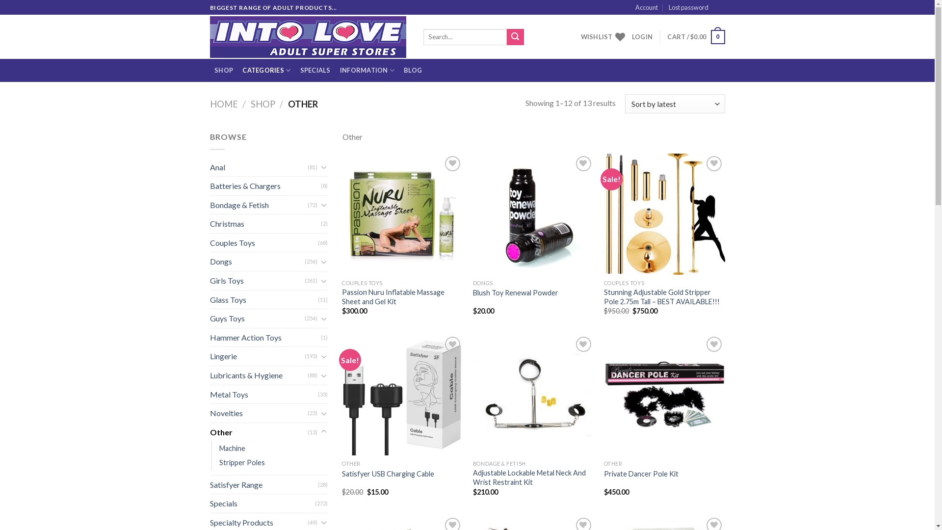 The width and height of the screenshot is (942, 530). Describe the element at coordinates (259, 204) in the screenshot. I see `'Bondage & Fetish'` at that location.